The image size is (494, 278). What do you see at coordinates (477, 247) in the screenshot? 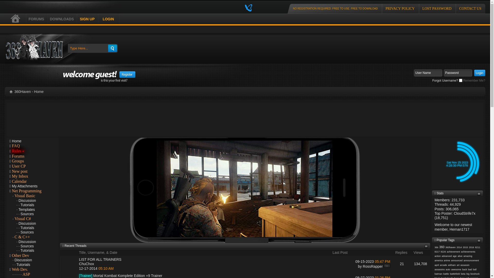
I see `'8211'` at bounding box center [477, 247].